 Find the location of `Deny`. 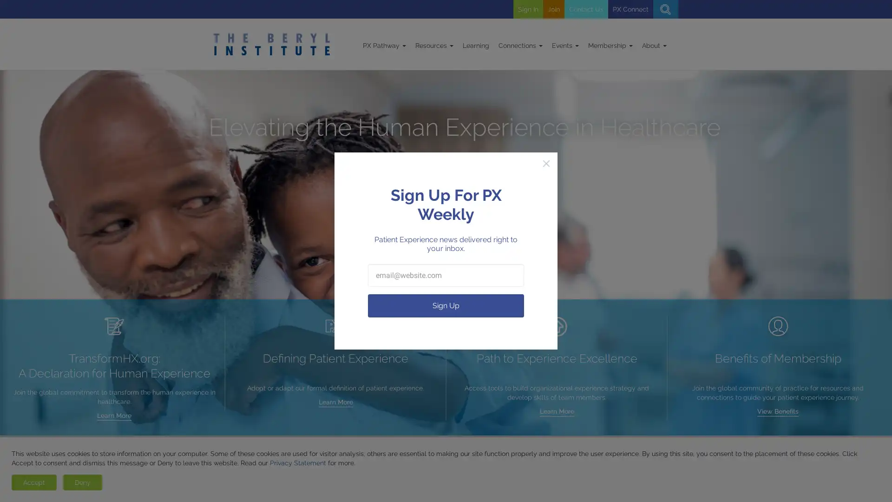

Deny is located at coordinates (82, 482).